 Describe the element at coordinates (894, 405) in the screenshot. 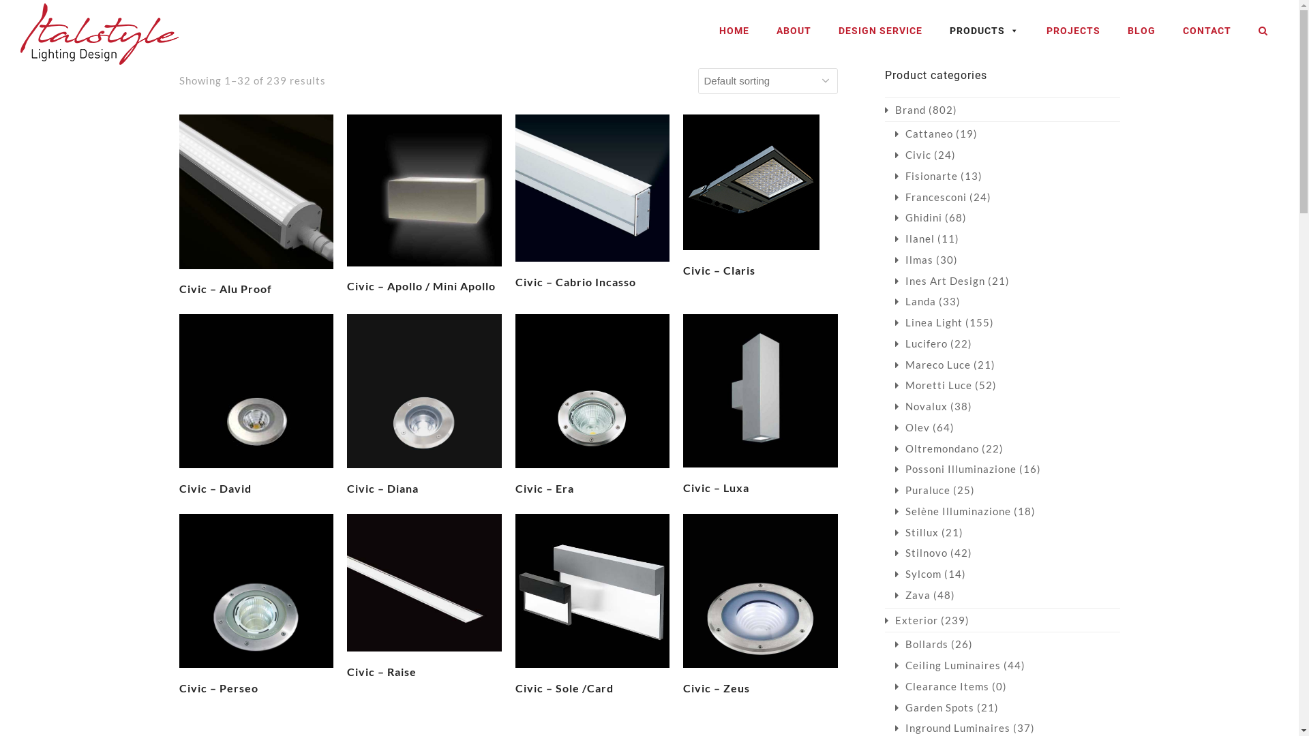

I see `'Novalux'` at that location.